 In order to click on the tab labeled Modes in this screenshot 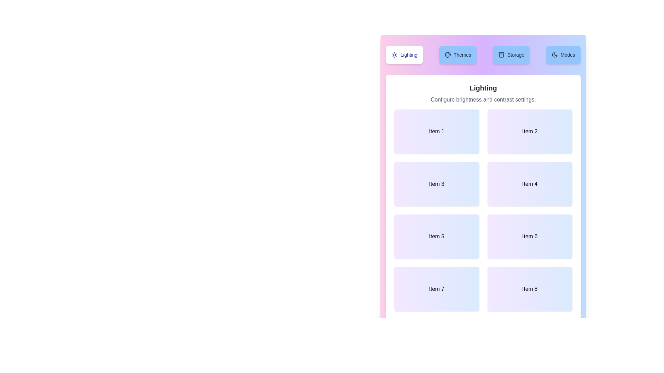, I will do `click(563, 54)`.